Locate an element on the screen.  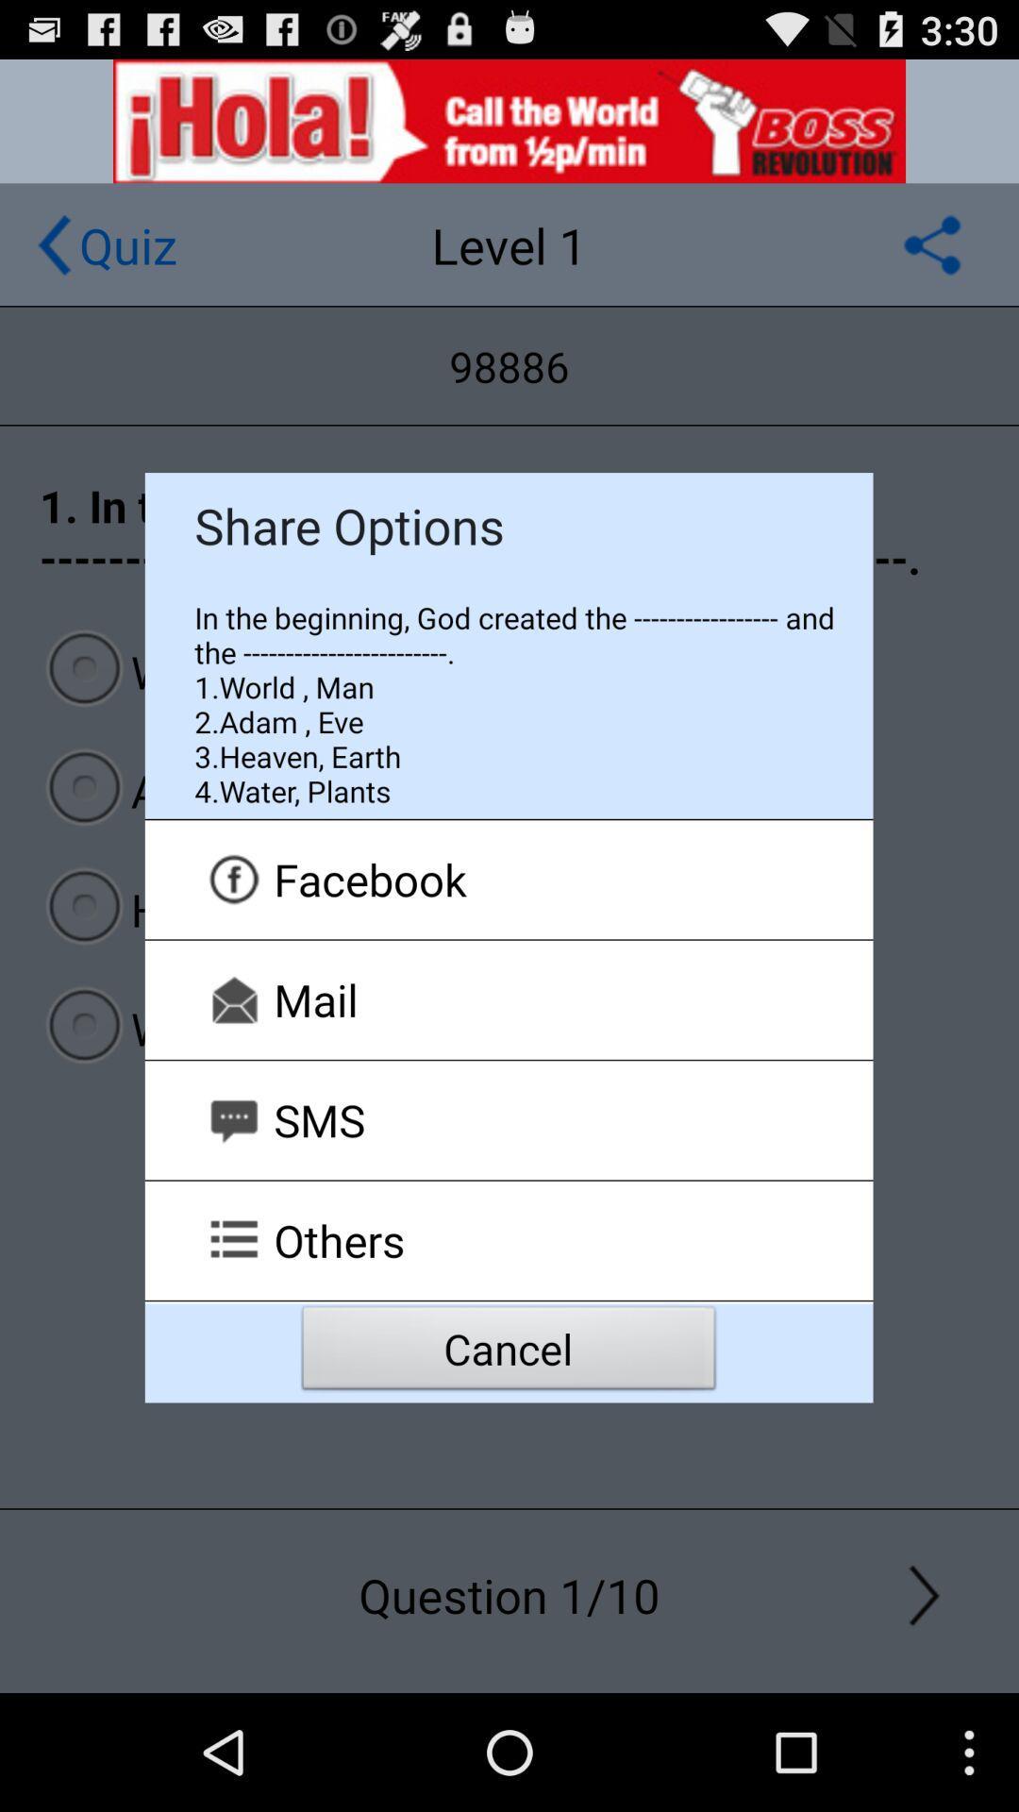
previous is located at coordinates (53, 243).